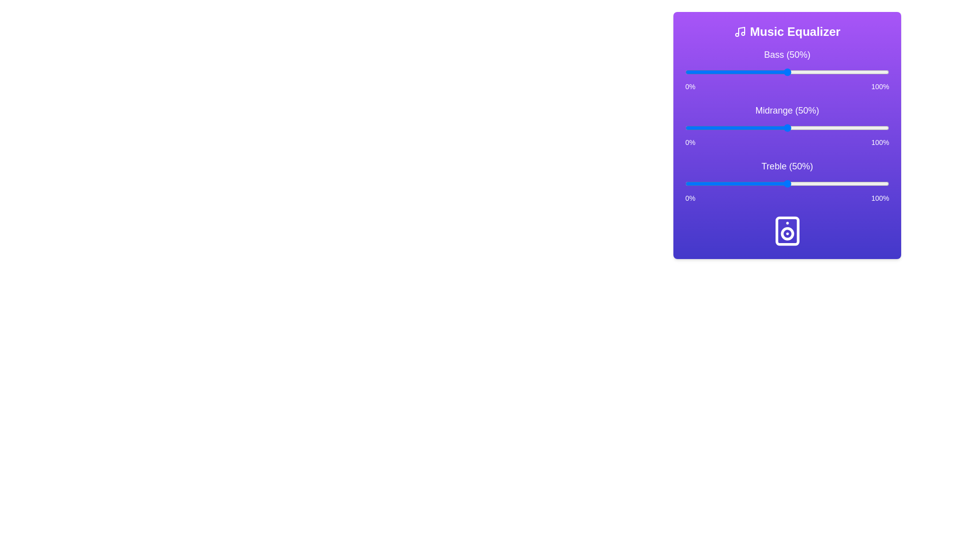  What do you see at coordinates (787, 231) in the screenshot?
I see `the speaker icon to trigger interaction or visual feedback` at bounding box center [787, 231].